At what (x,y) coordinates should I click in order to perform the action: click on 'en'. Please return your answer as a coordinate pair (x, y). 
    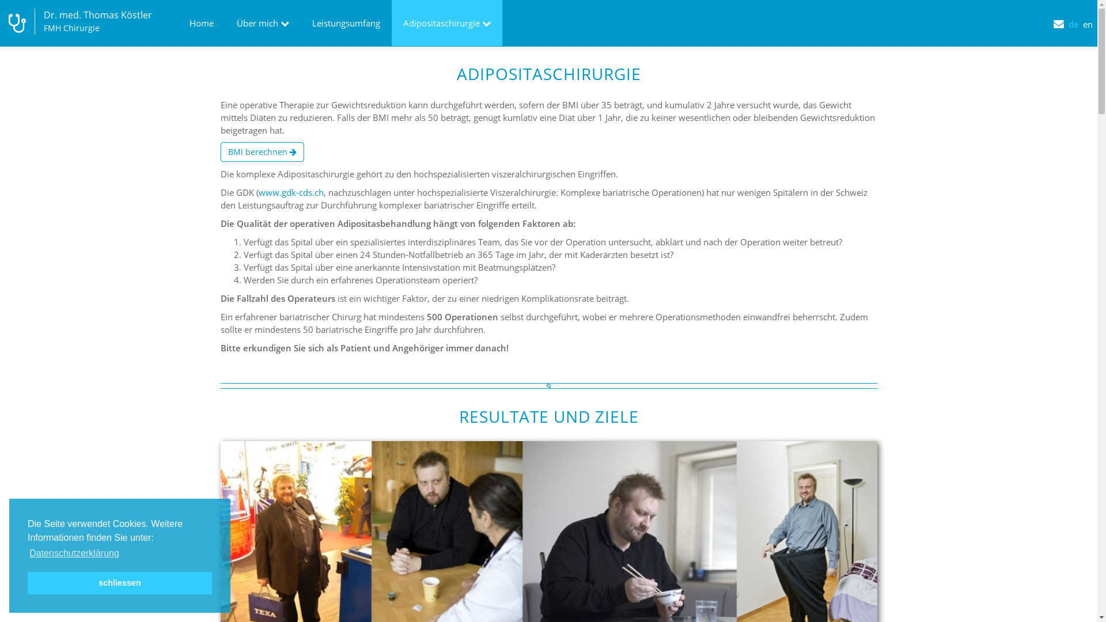
    Looking at the image, I should click on (1089, 15).